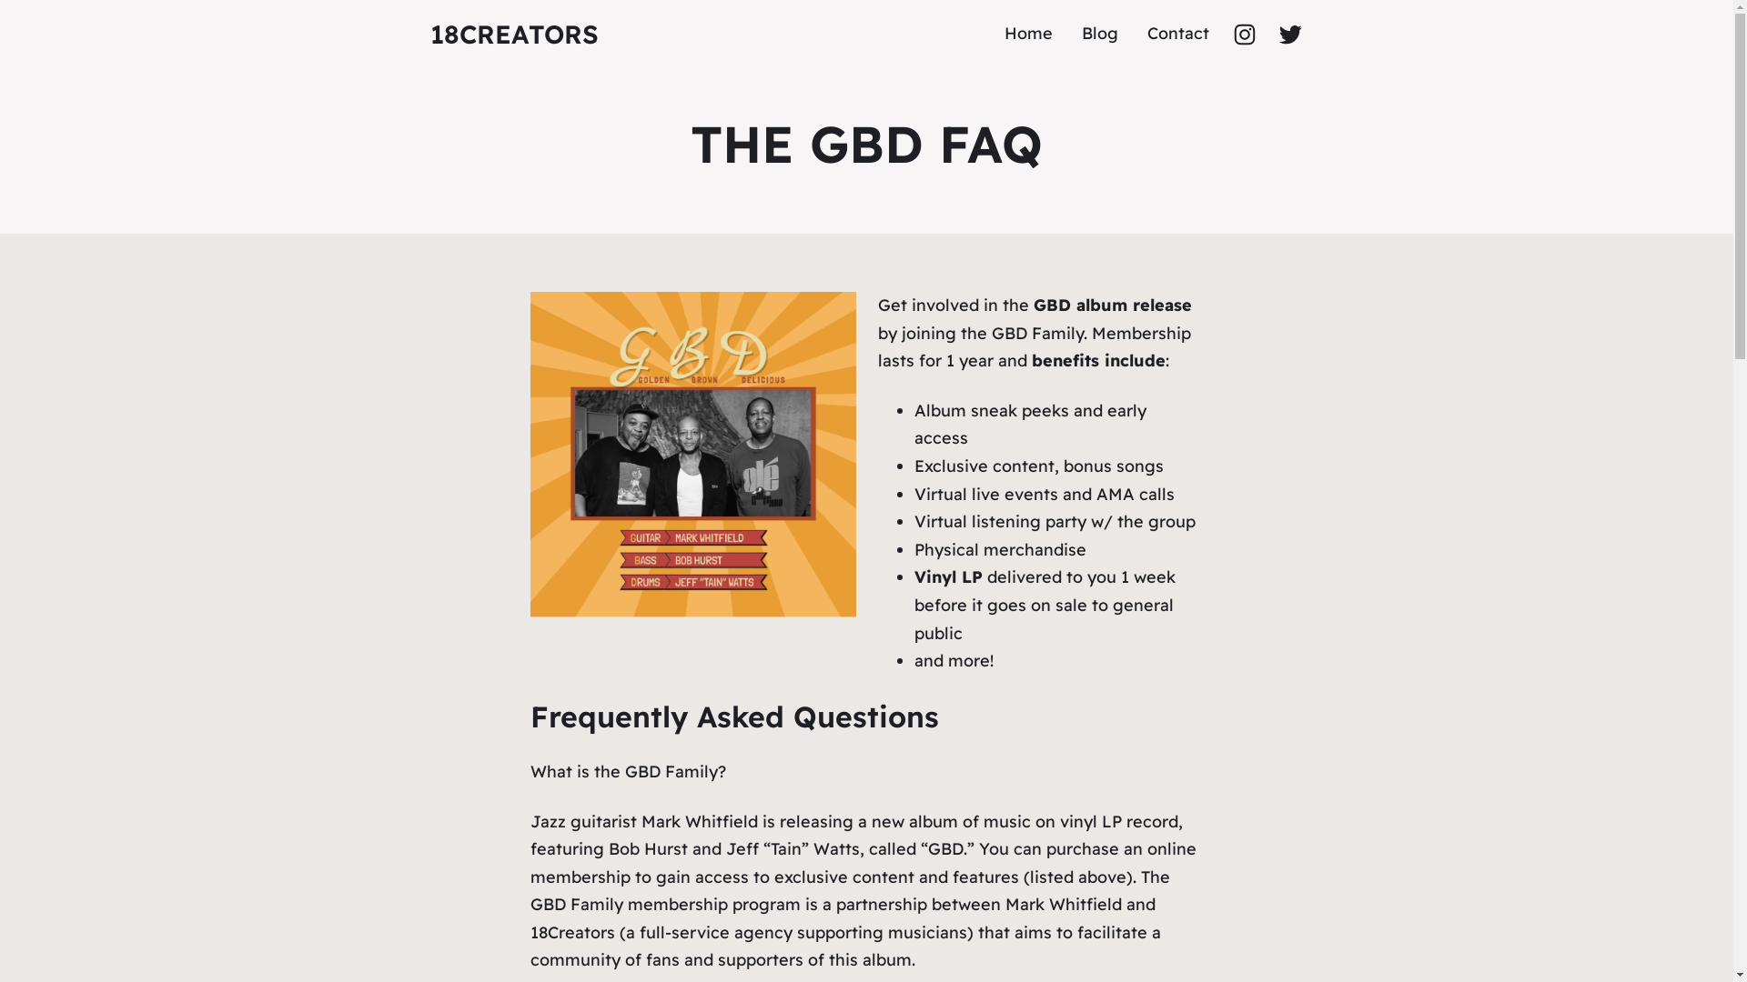 This screenshot has width=1747, height=982. Describe the element at coordinates (1098, 34) in the screenshot. I see `'Blog'` at that location.